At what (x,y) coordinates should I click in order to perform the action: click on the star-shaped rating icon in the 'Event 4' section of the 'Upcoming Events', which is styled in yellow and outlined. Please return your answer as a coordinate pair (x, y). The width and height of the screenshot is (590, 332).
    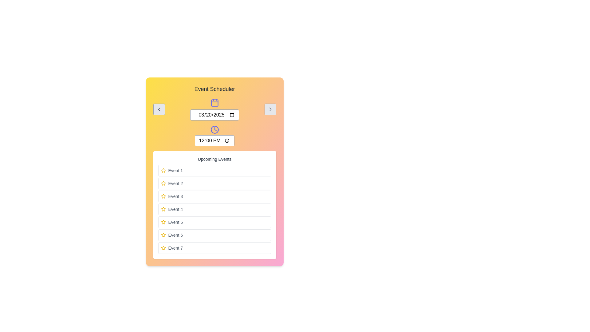
    Looking at the image, I should click on (163, 209).